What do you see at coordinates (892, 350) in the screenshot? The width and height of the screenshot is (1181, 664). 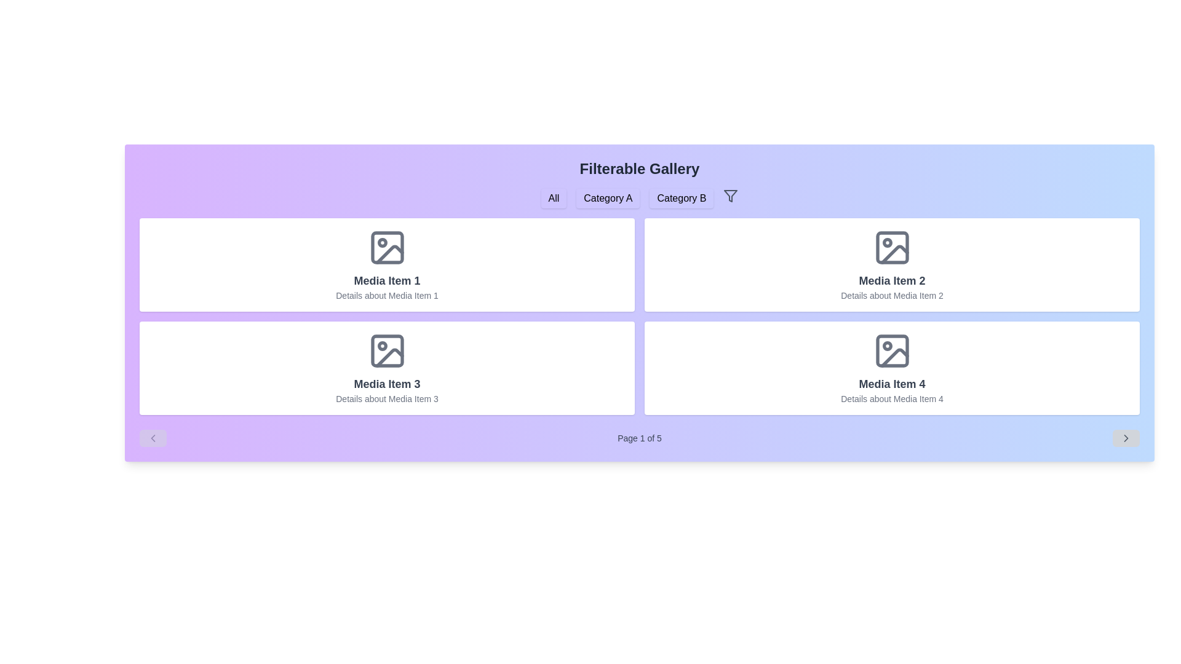 I see `the gallery icon within the fourth media item card titled 'Media Item 4', which features a line-drawn design of a rectangular outline with a circle and angled lines` at bounding box center [892, 350].